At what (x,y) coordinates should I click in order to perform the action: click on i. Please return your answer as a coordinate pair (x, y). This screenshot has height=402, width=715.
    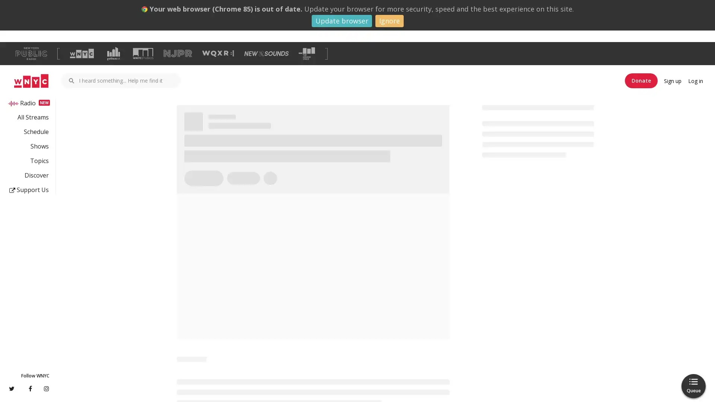
    Looking at the image, I should click on (441, 359).